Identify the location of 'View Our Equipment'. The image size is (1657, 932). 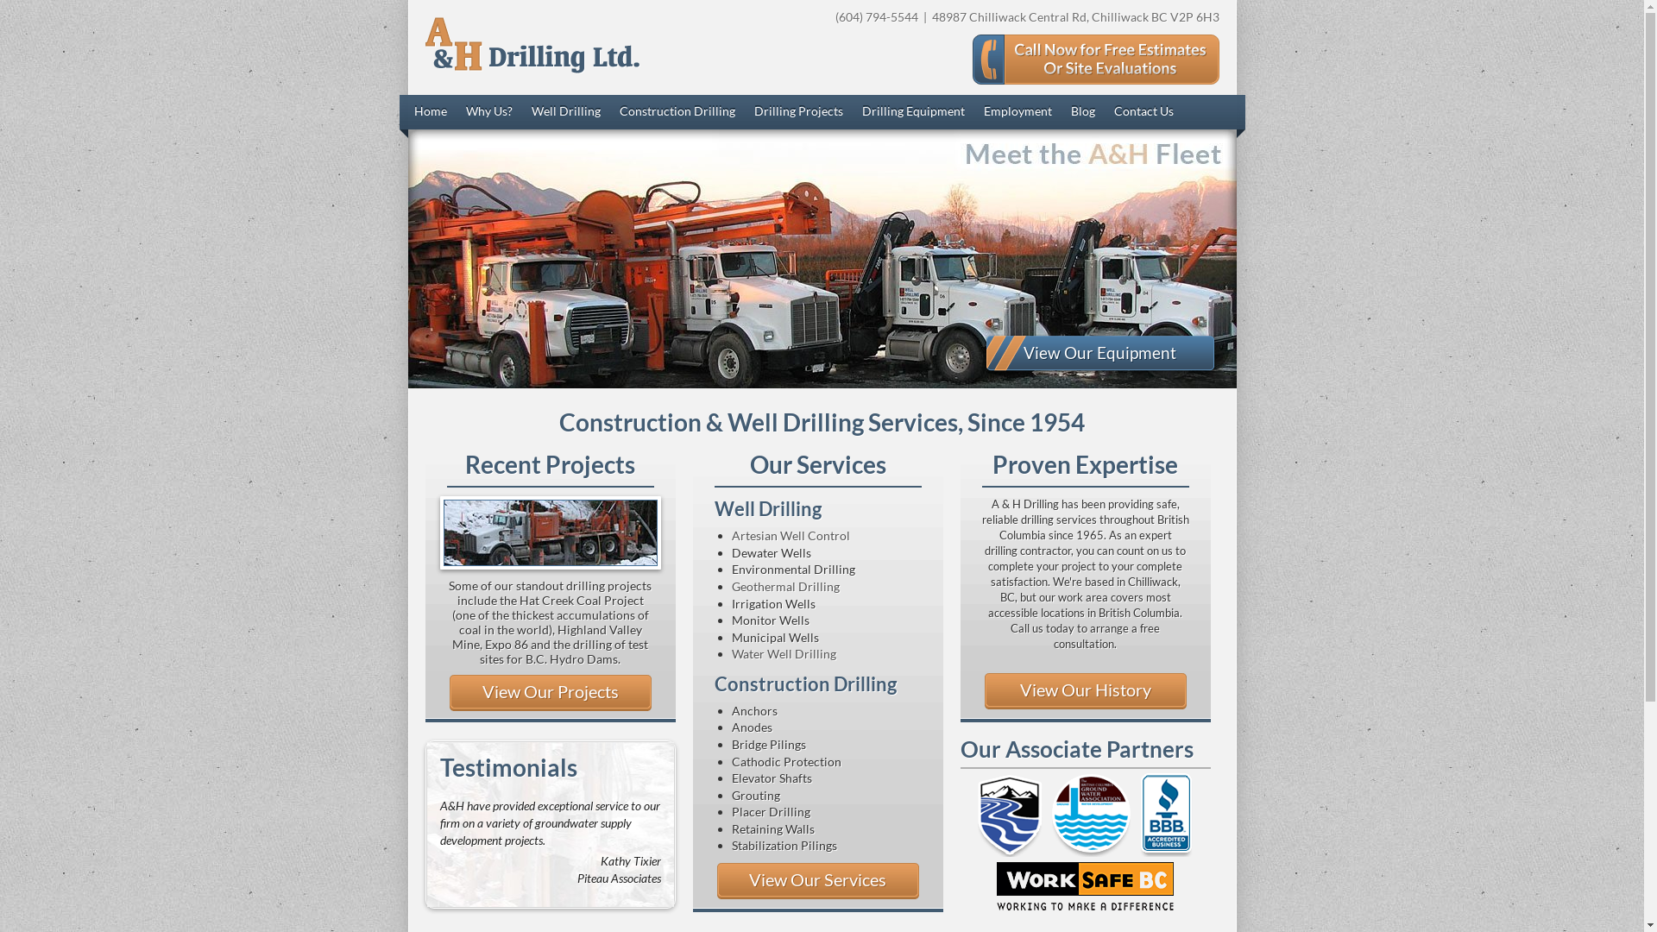
(1098, 351).